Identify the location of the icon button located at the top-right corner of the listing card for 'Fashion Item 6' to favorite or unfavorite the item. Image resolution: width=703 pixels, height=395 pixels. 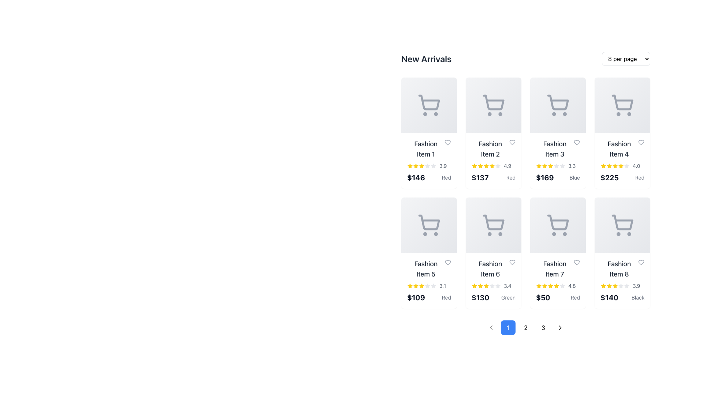
(512, 262).